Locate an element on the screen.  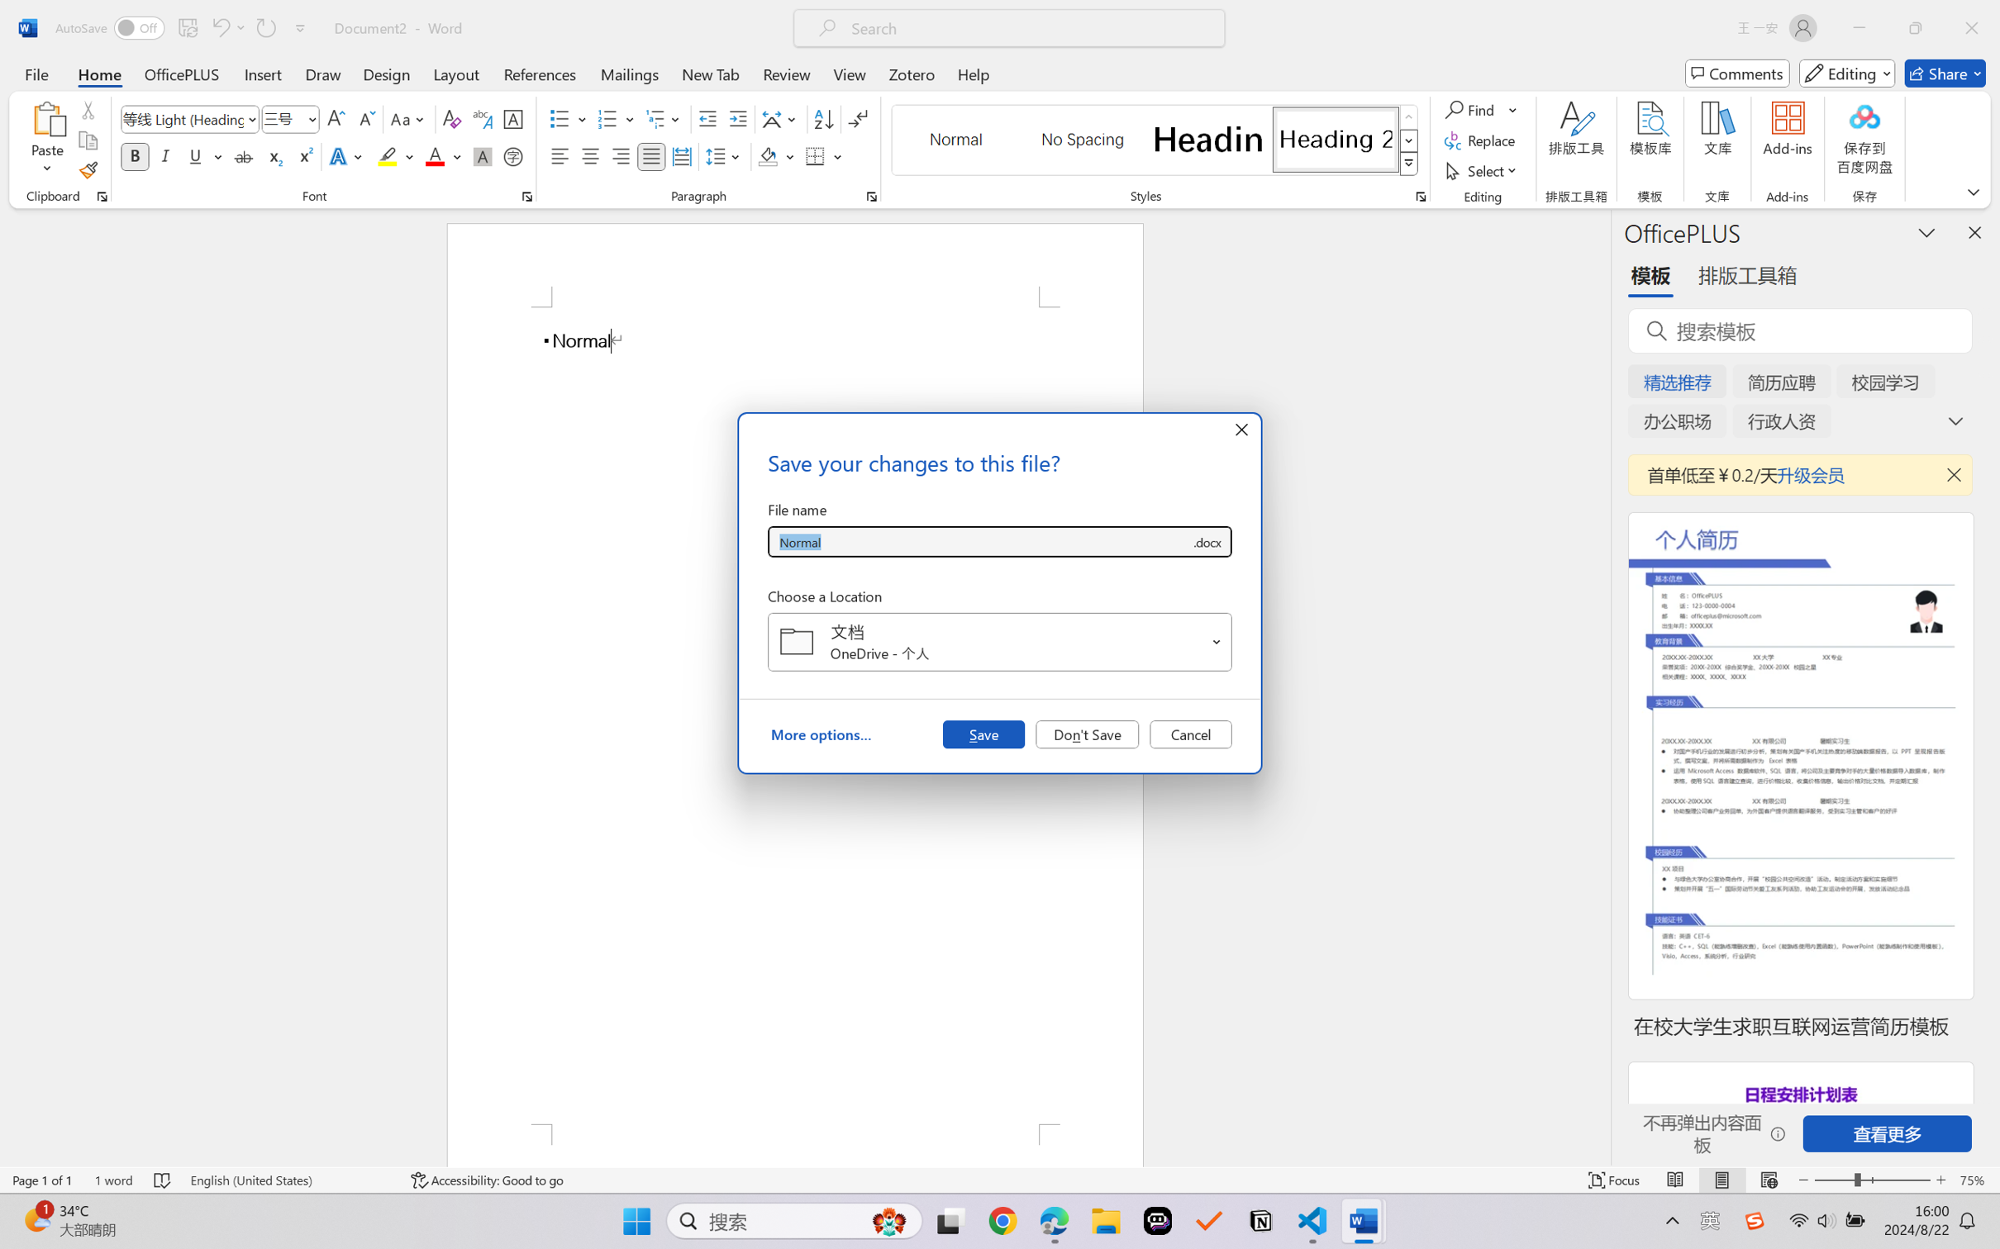
'AutomationID: QuickStylesGallery' is located at coordinates (1155, 140).